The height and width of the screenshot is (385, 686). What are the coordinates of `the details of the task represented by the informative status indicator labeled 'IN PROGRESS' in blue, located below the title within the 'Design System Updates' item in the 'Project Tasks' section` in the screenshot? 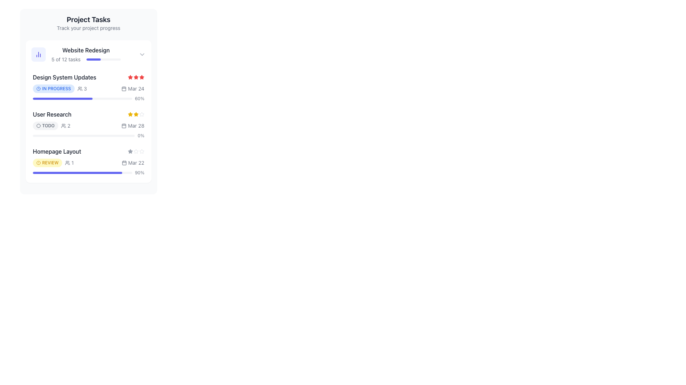 It's located at (88, 88).